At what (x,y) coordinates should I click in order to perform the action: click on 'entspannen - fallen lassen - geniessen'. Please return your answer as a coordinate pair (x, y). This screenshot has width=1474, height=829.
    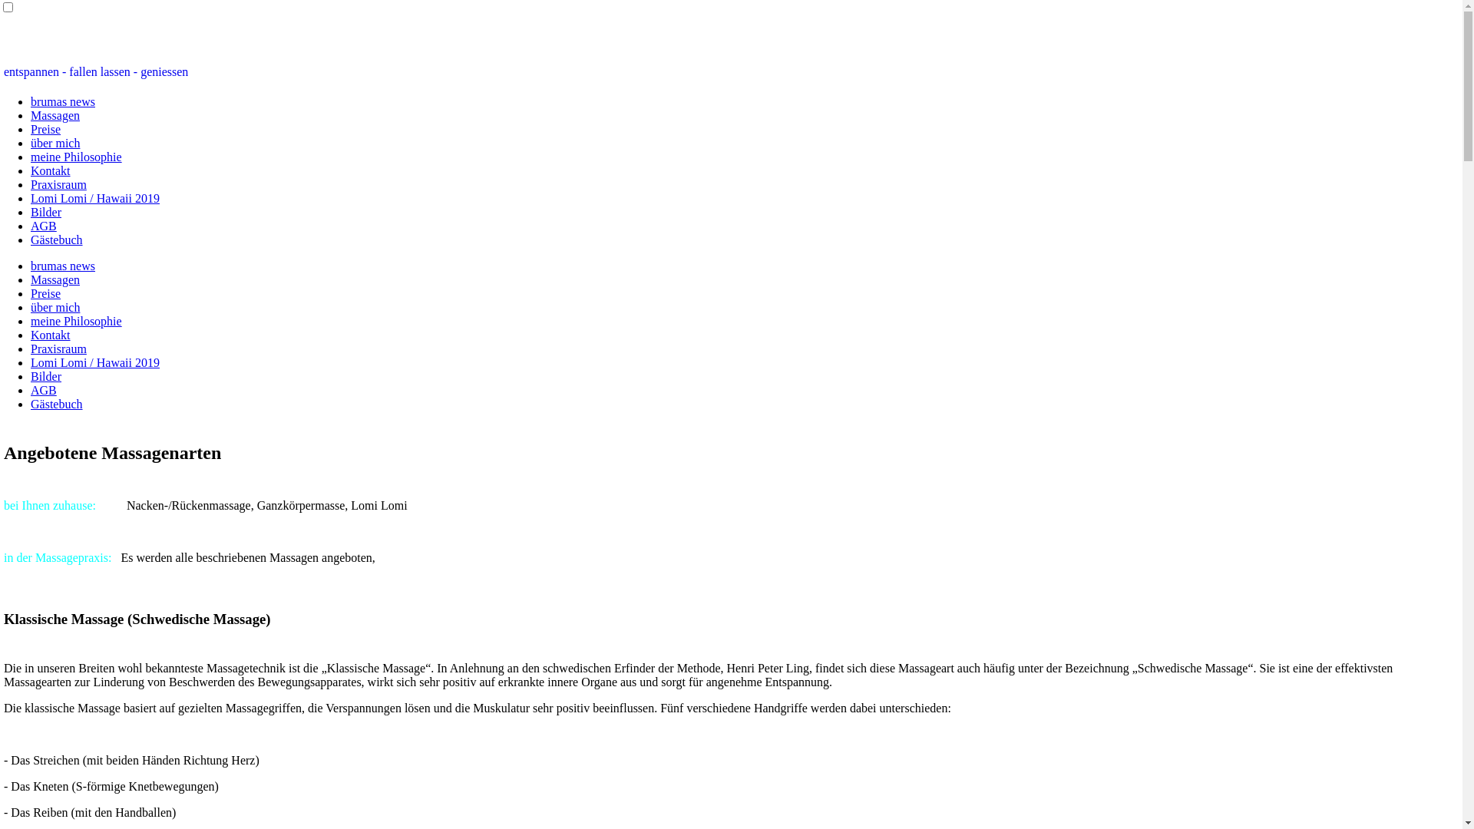
    Looking at the image, I should click on (94, 71).